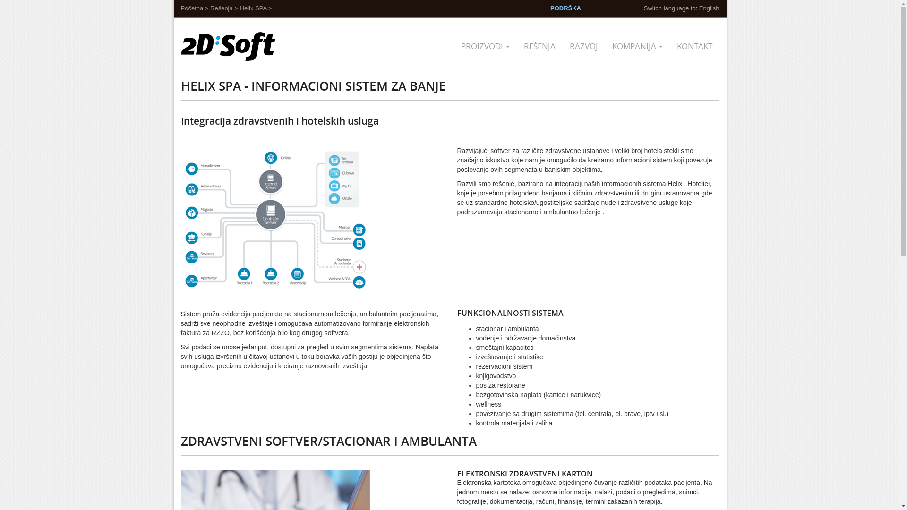  What do you see at coordinates (709, 8) in the screenshot?
I see `'English'` at bounding box center [709, 8].